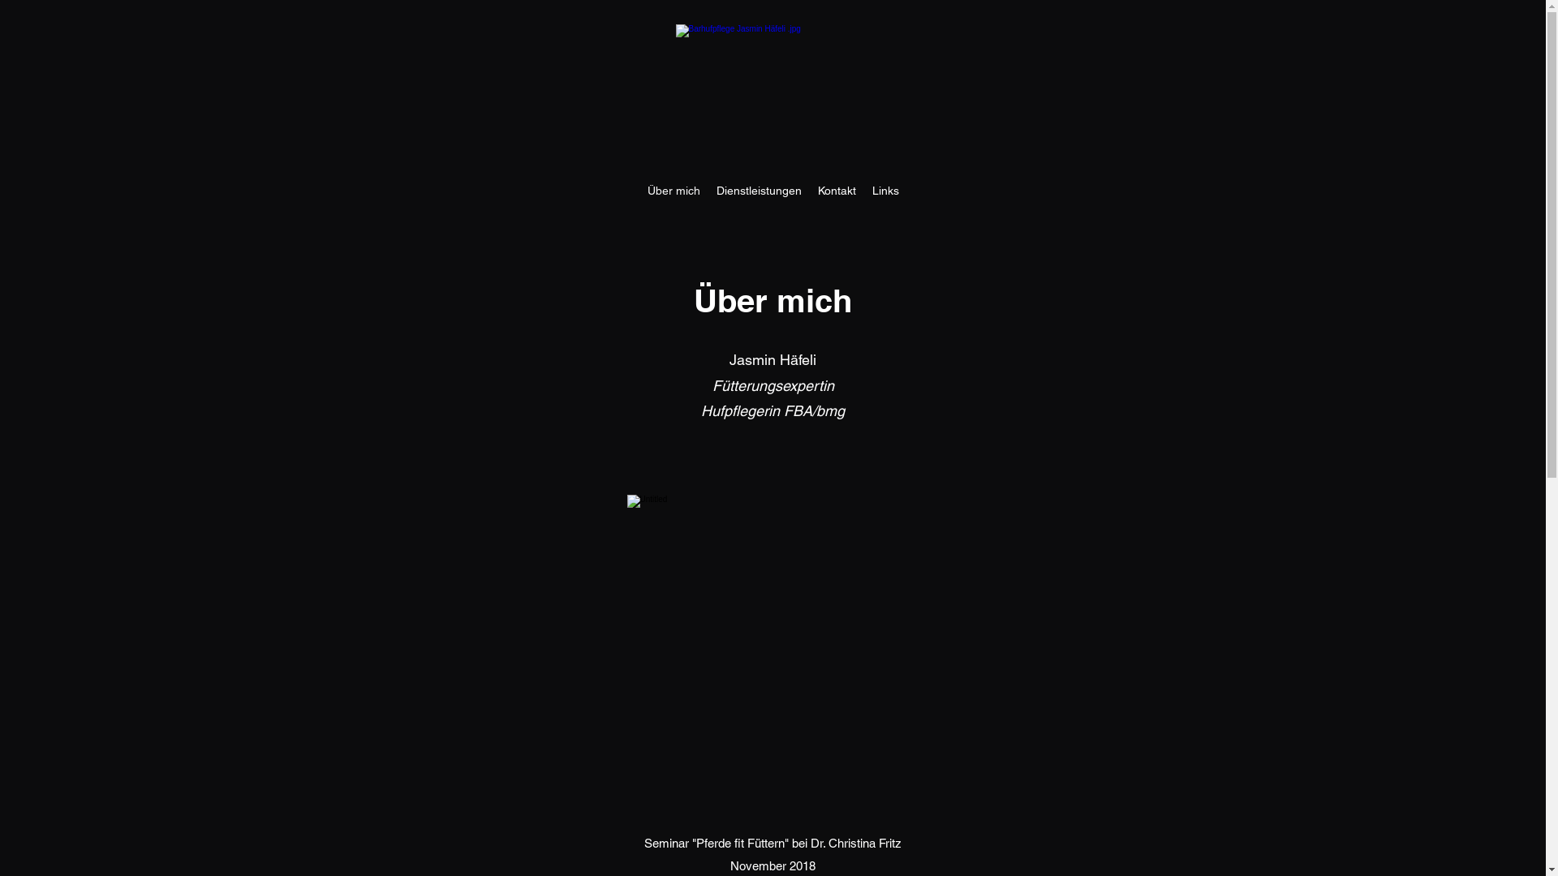  What do you see at coordinates (708, 190) in the screenshot?
I see `'Dienstleistungen'` at bounding box center [708, 190].